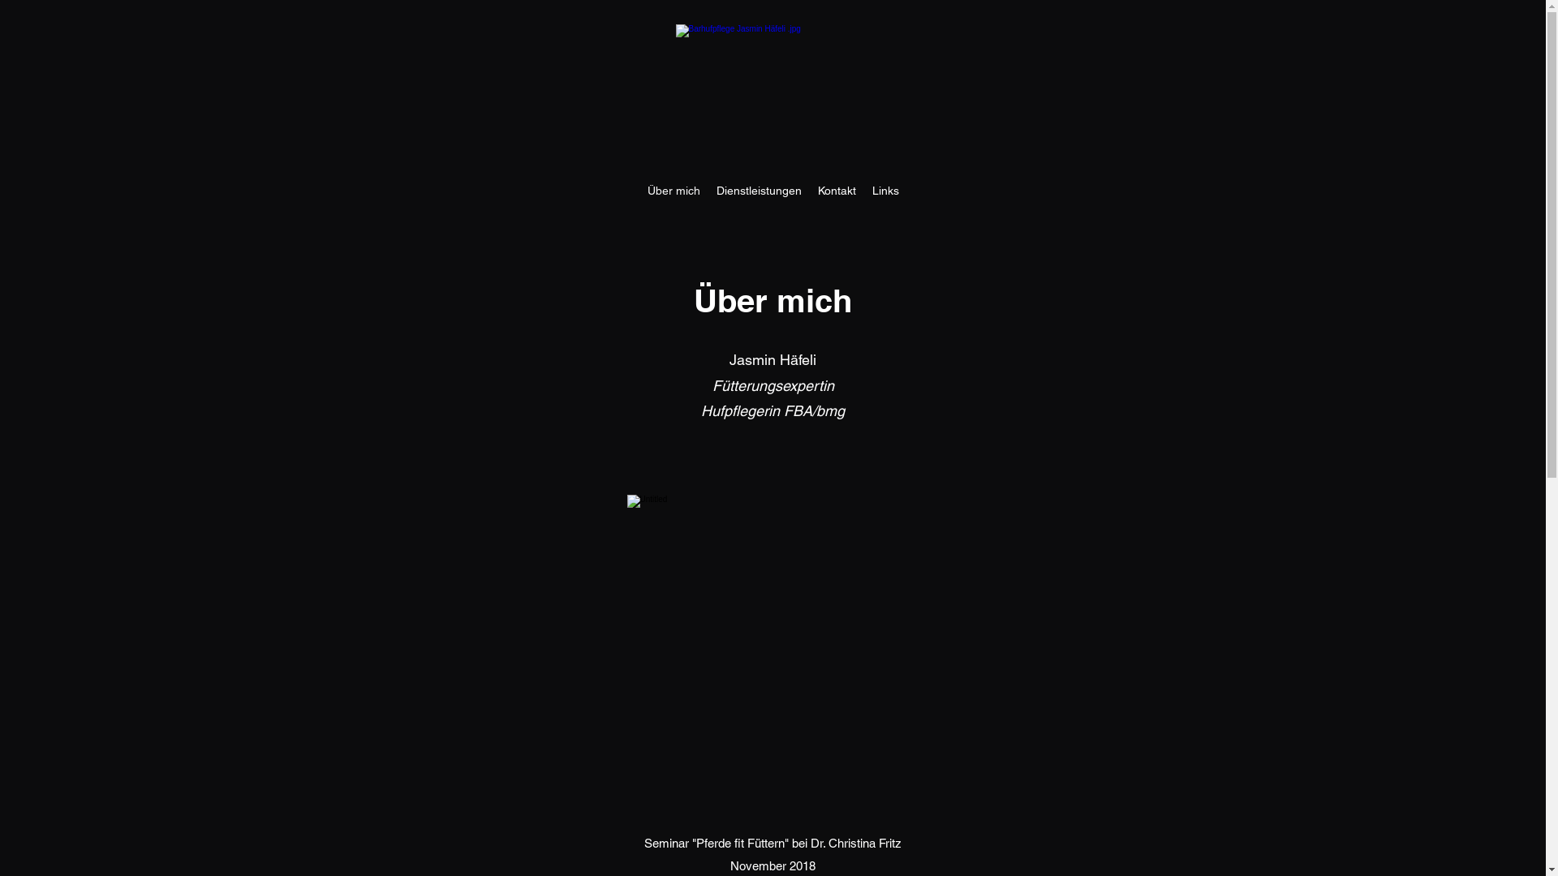  What do you see at coordinates (708, 190) in the screenshot?
I see `'Dienstleistungen'` at bounding box center [708, 190].